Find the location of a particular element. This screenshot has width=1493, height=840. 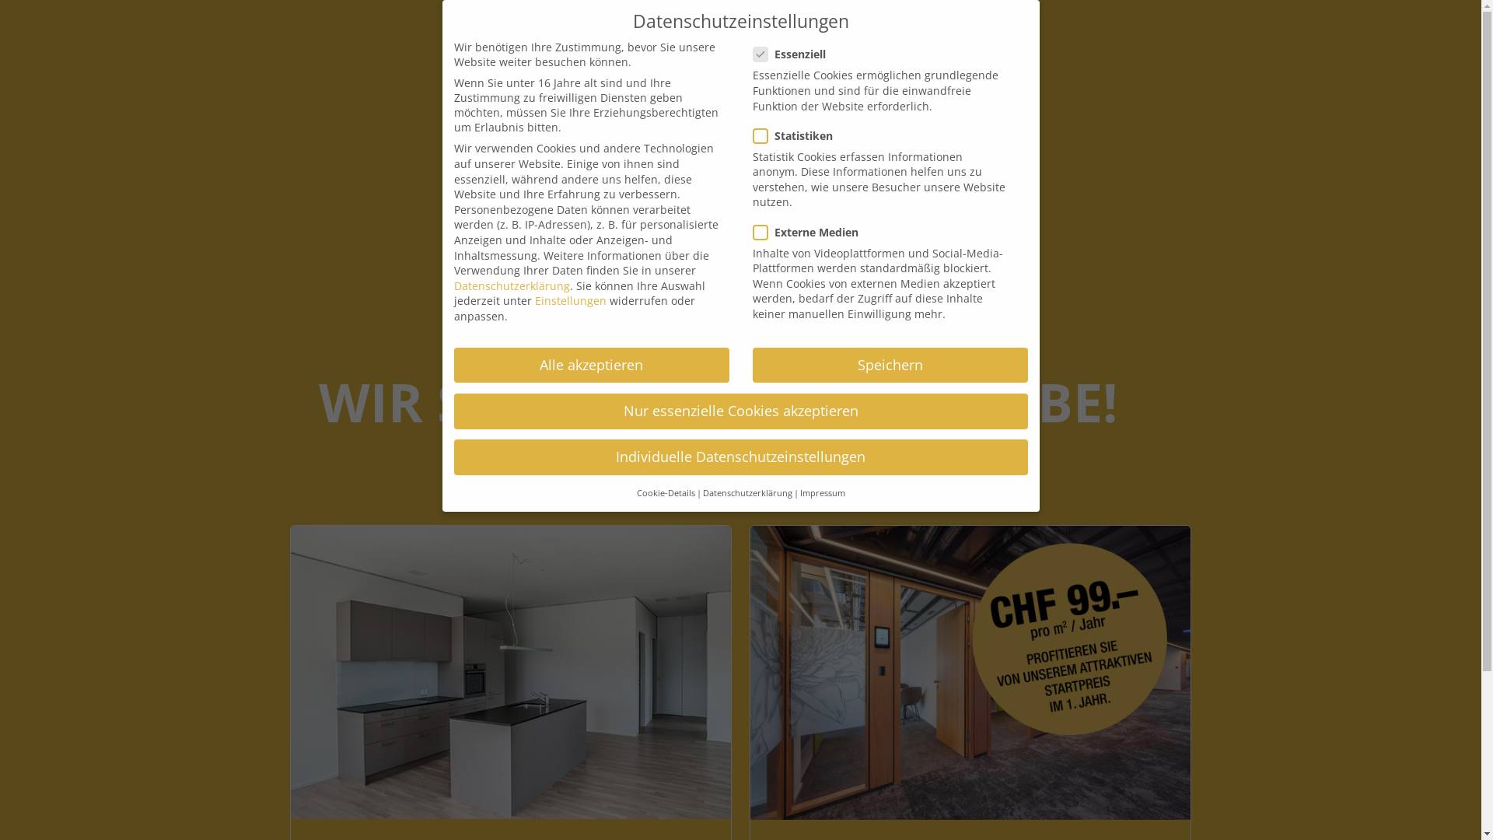

'Speichern' is located at coordinates (890, 366).